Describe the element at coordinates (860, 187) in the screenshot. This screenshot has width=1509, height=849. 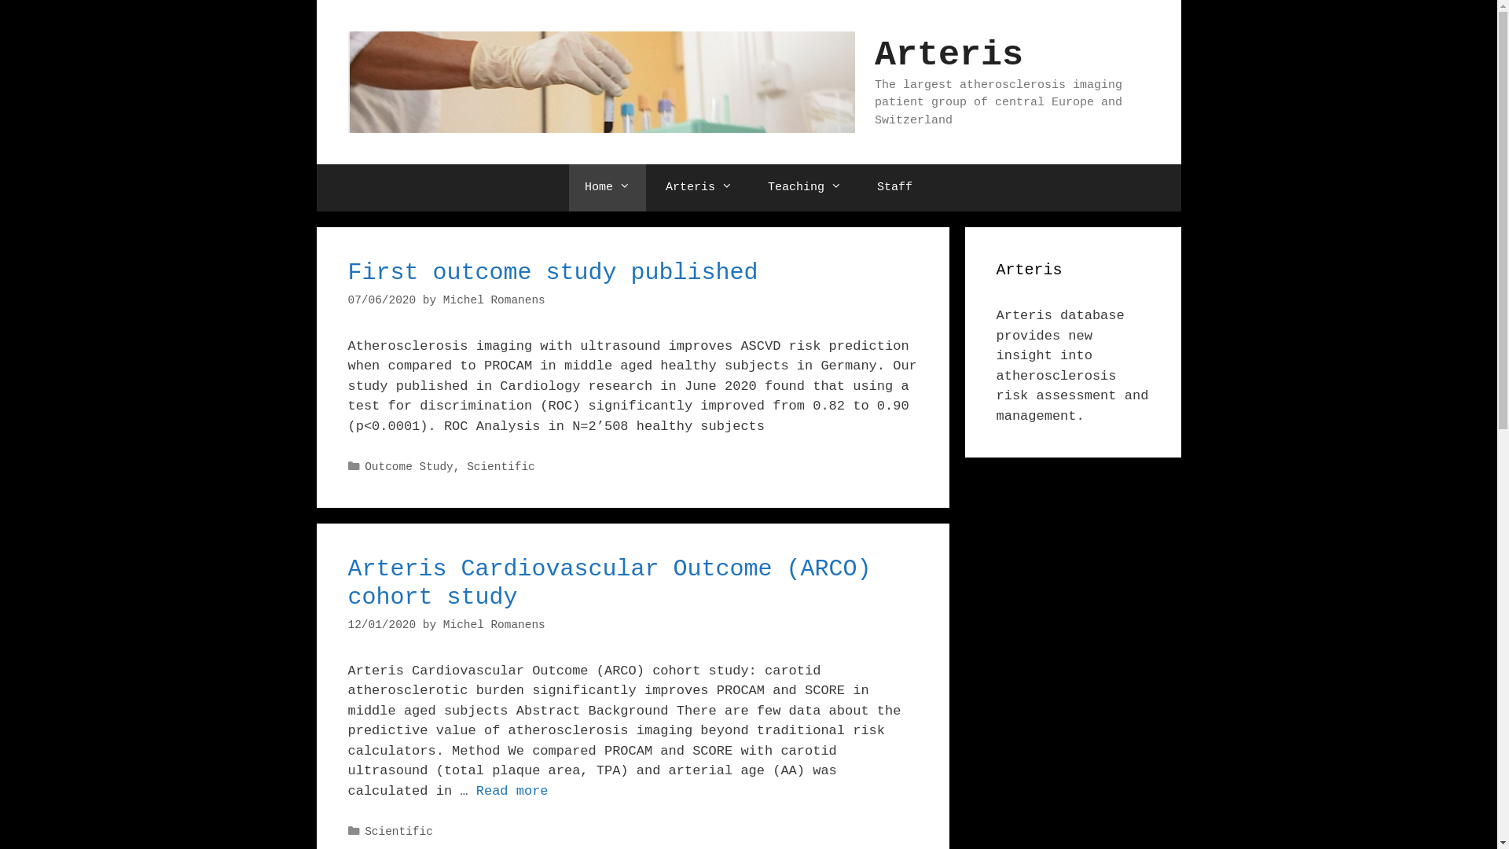
I see `'Staff'` at that location.